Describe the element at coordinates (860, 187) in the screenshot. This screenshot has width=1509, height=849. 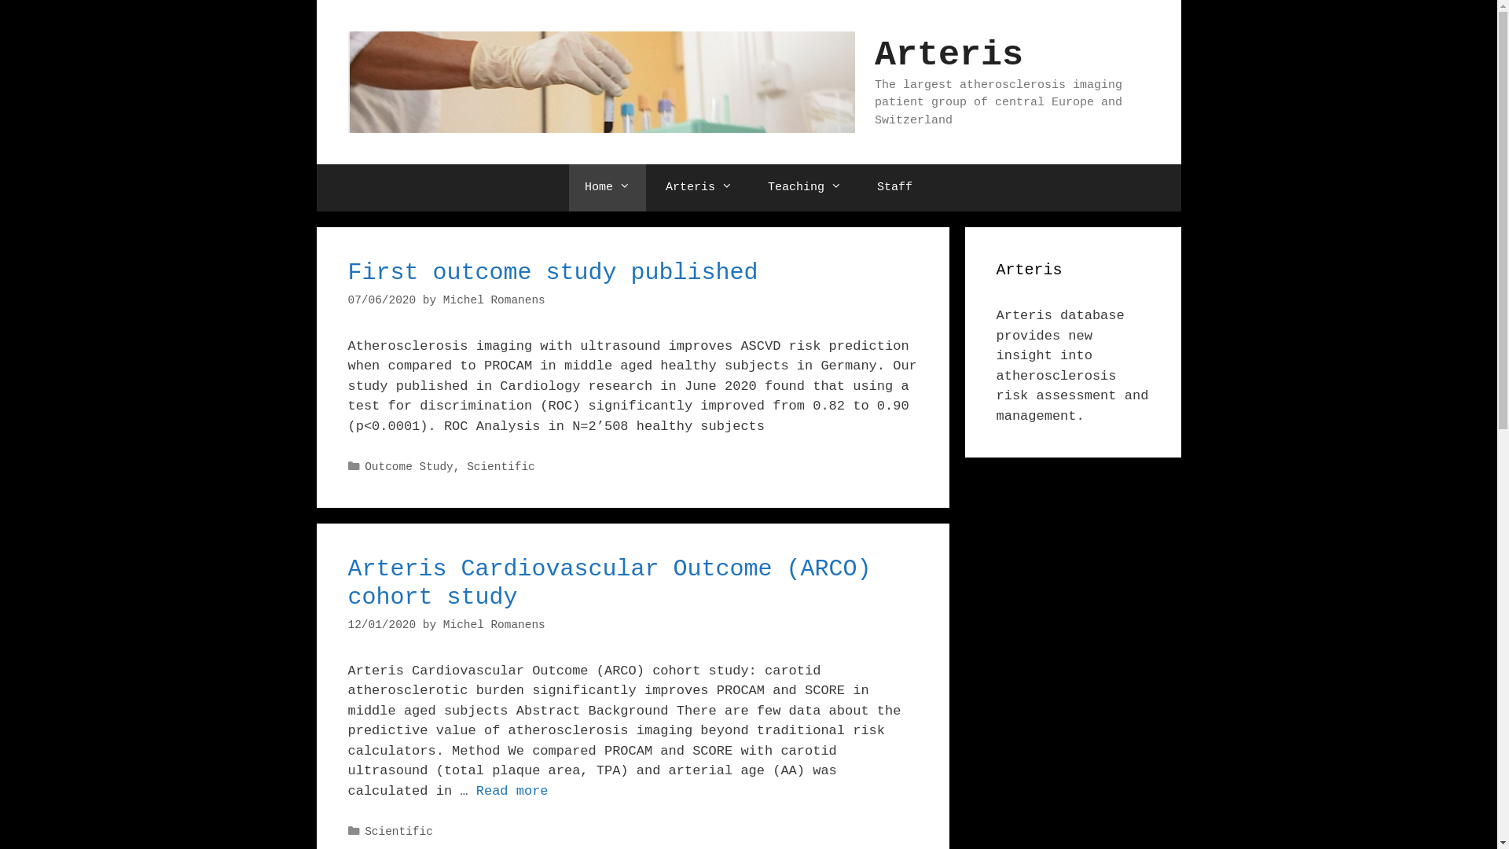
I see `'Staff'` at that location.